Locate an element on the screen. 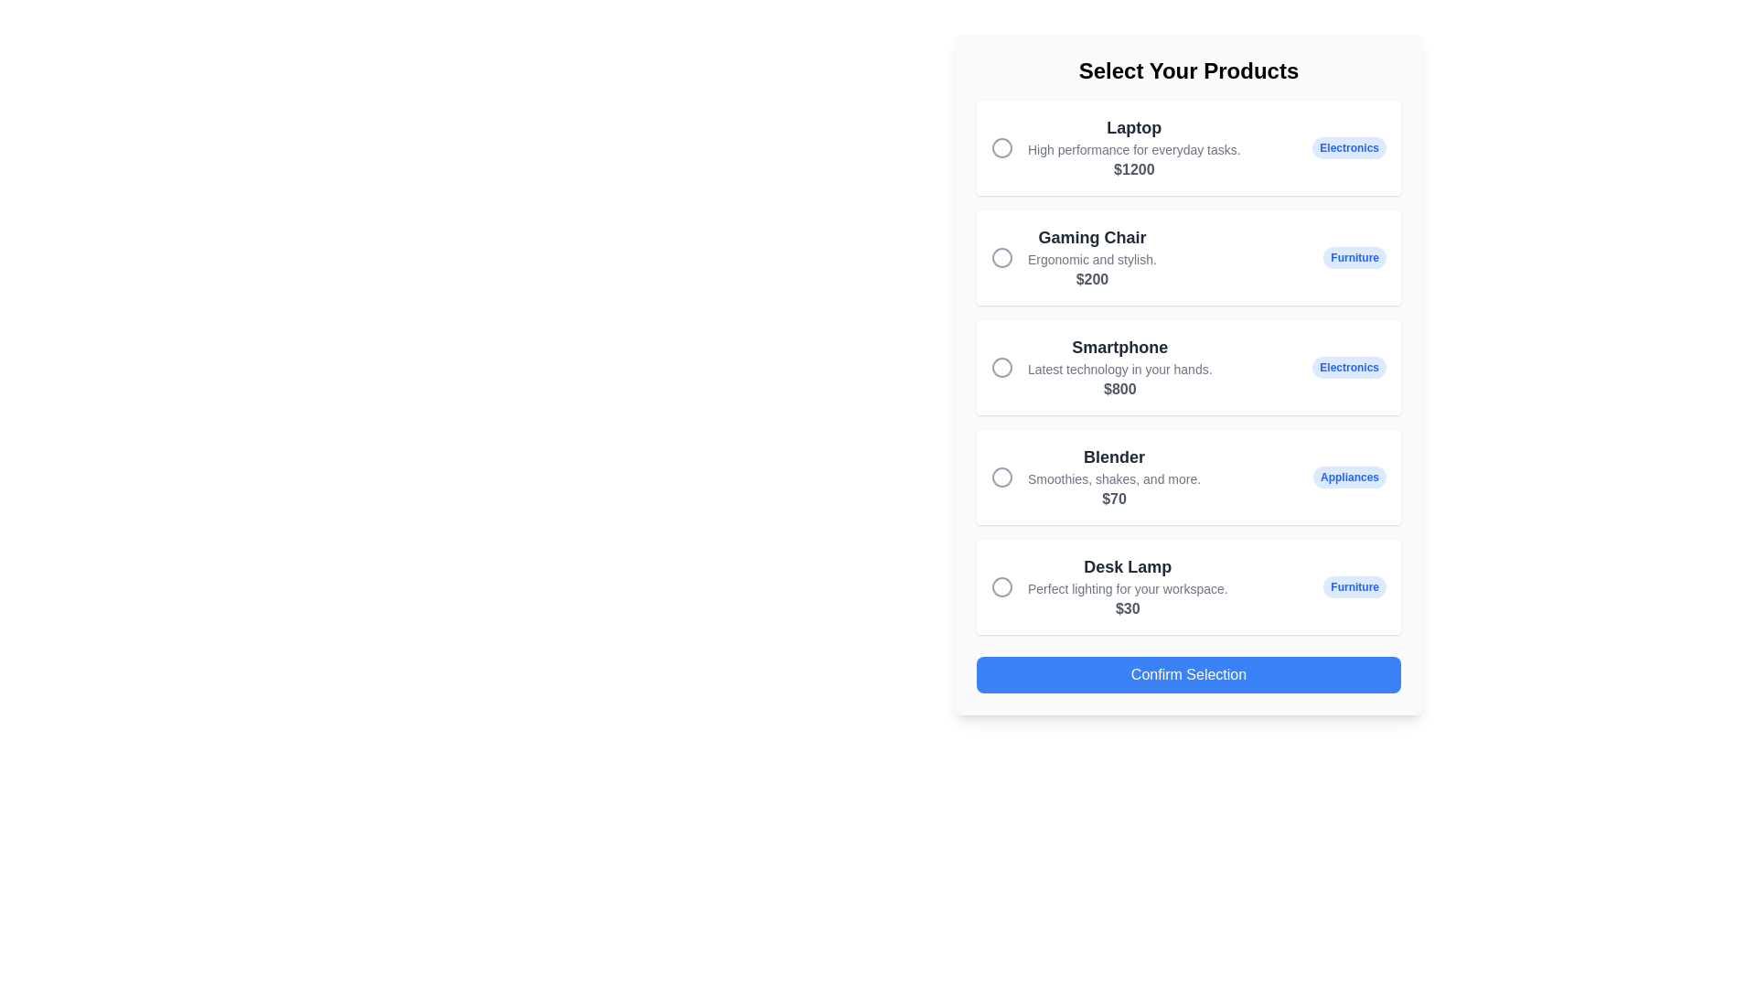 Image resolution: width=1756 pixels, height=988 pixels. the label indicating the category 'Appliances' which is styled with a rounded background and blue text, located in the fourth item of the list associated with the product 'Blender' is located at coordinates (1349, 476).